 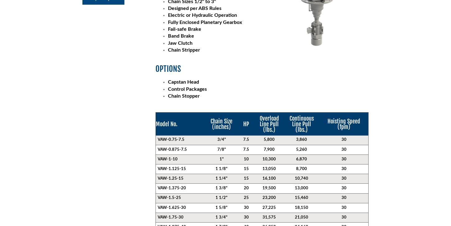 I want to click on '3/4"', so click(x=217, y=139).